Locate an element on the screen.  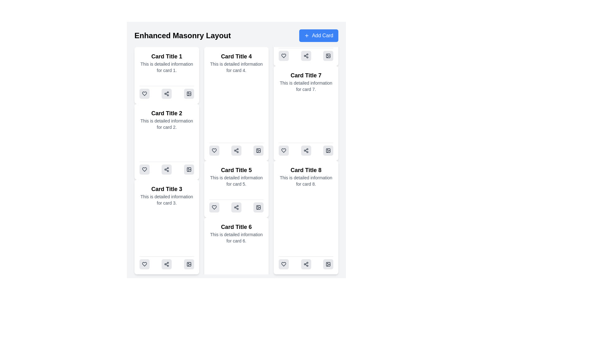
the rectangular visual icon component located in the top-right of the card labeled 'Card Title 7' by moving the cursor to its center point is located at coordinates (328, 56).